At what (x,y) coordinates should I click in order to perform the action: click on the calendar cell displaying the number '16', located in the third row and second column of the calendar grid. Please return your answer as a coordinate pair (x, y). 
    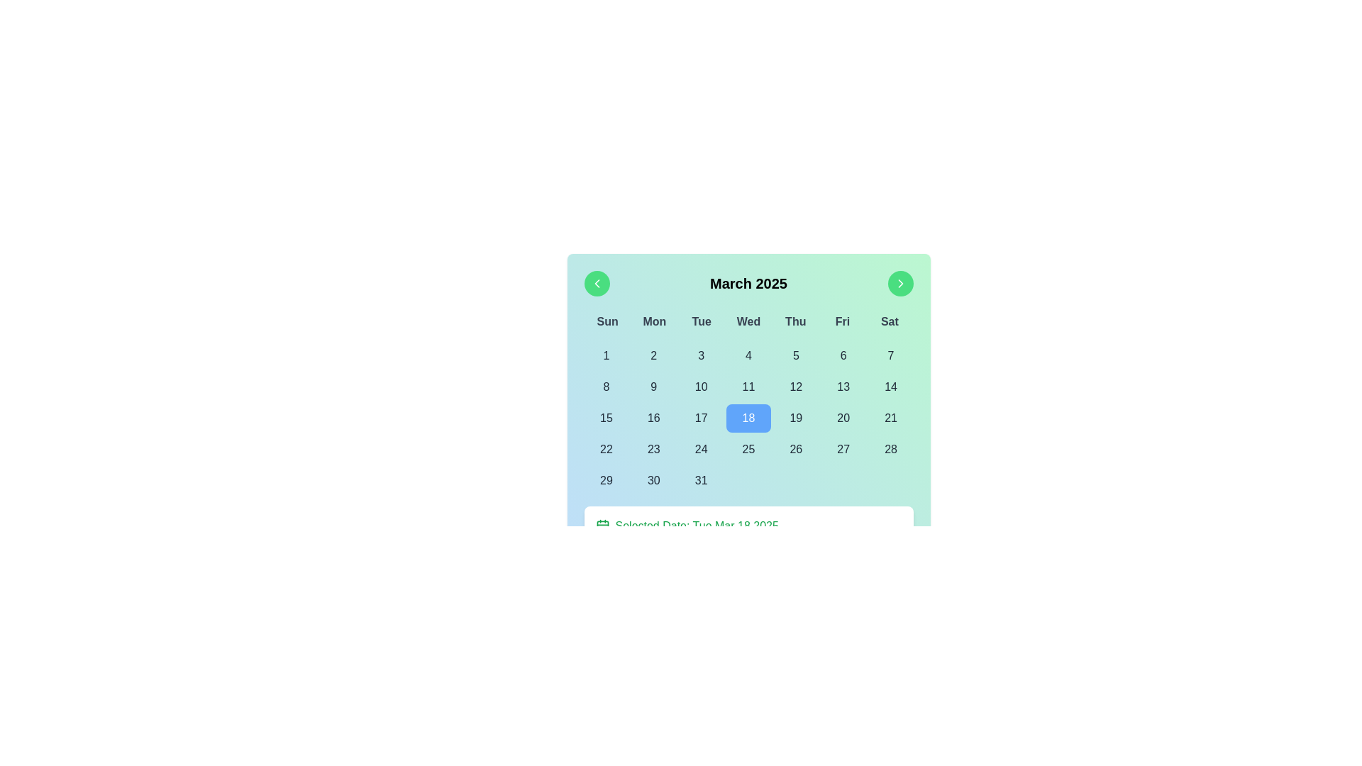
    Looking at the image, I should click on (653, 418).